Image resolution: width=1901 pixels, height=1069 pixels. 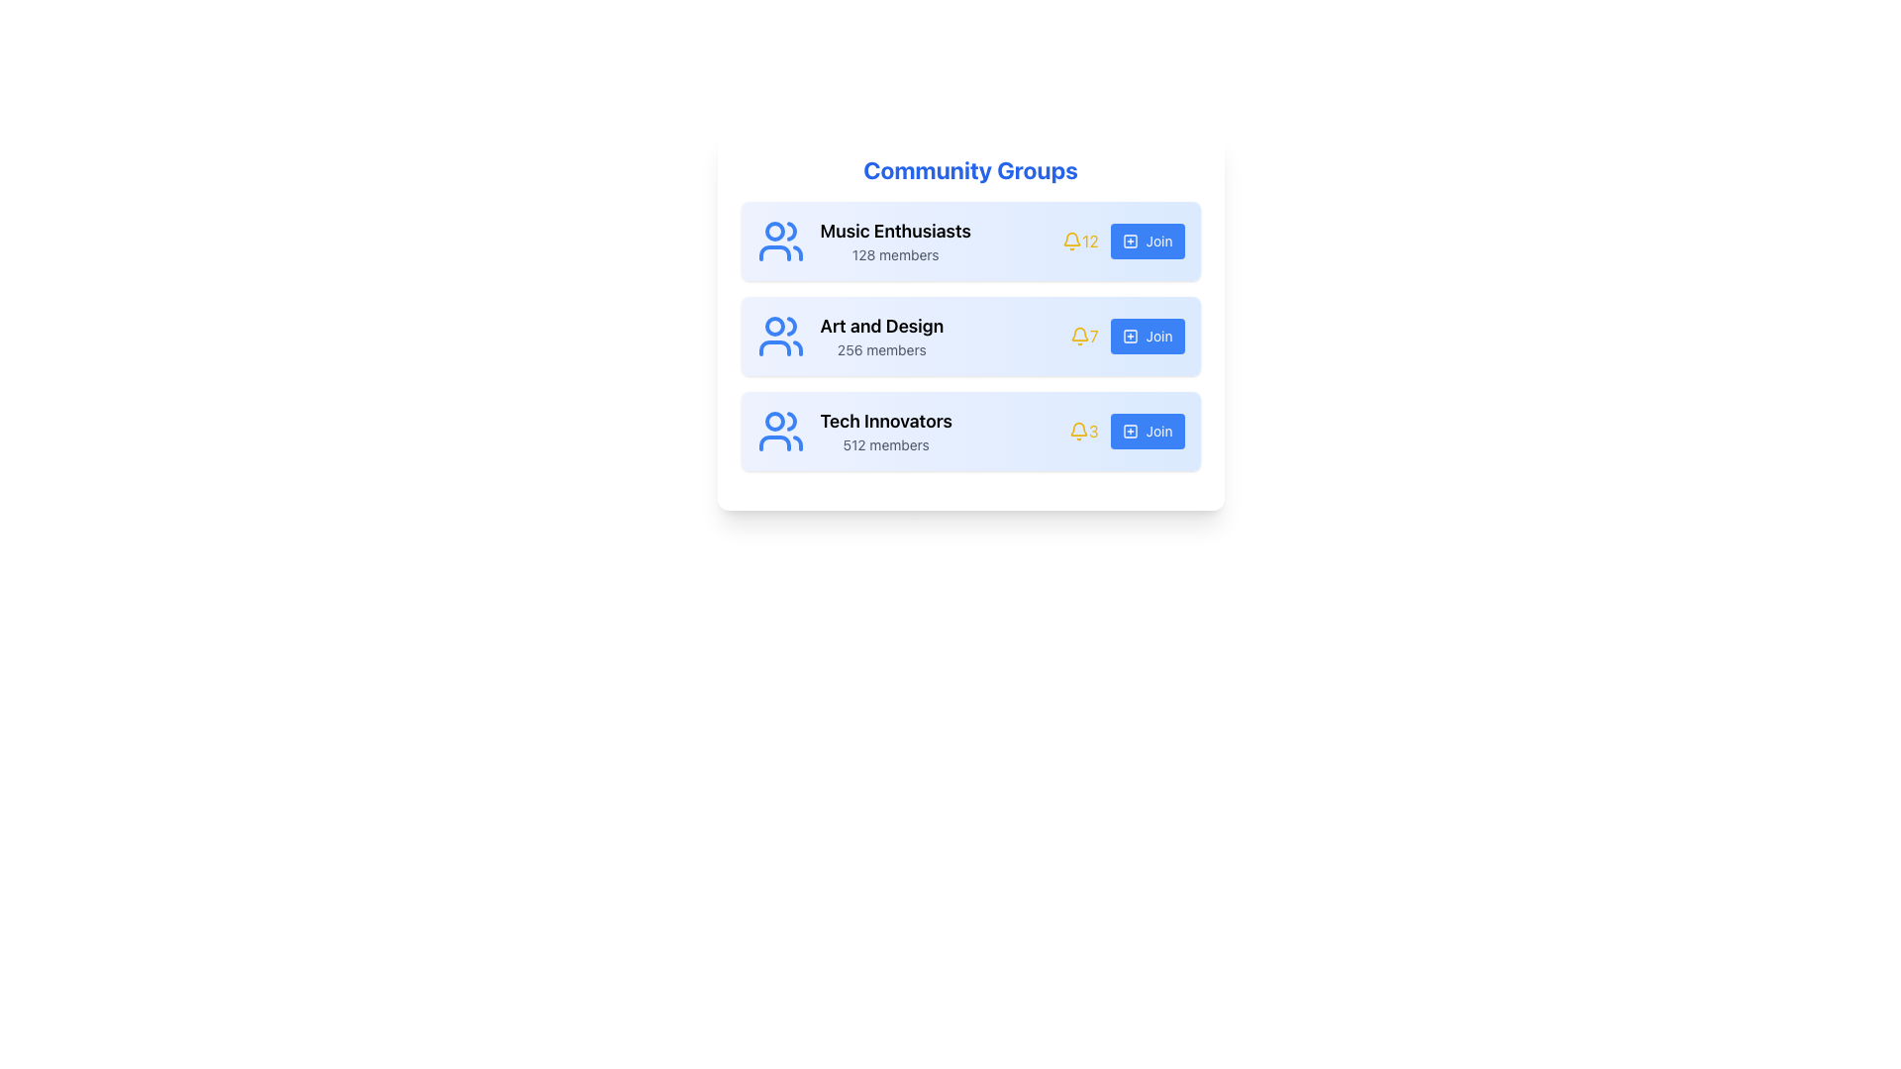 I want to click on text from the 'Art and Design' informational label and icon element, which displays 'Art and Design' prominently in bold and '256 members' in smaller text, so click(x=850, y=335).